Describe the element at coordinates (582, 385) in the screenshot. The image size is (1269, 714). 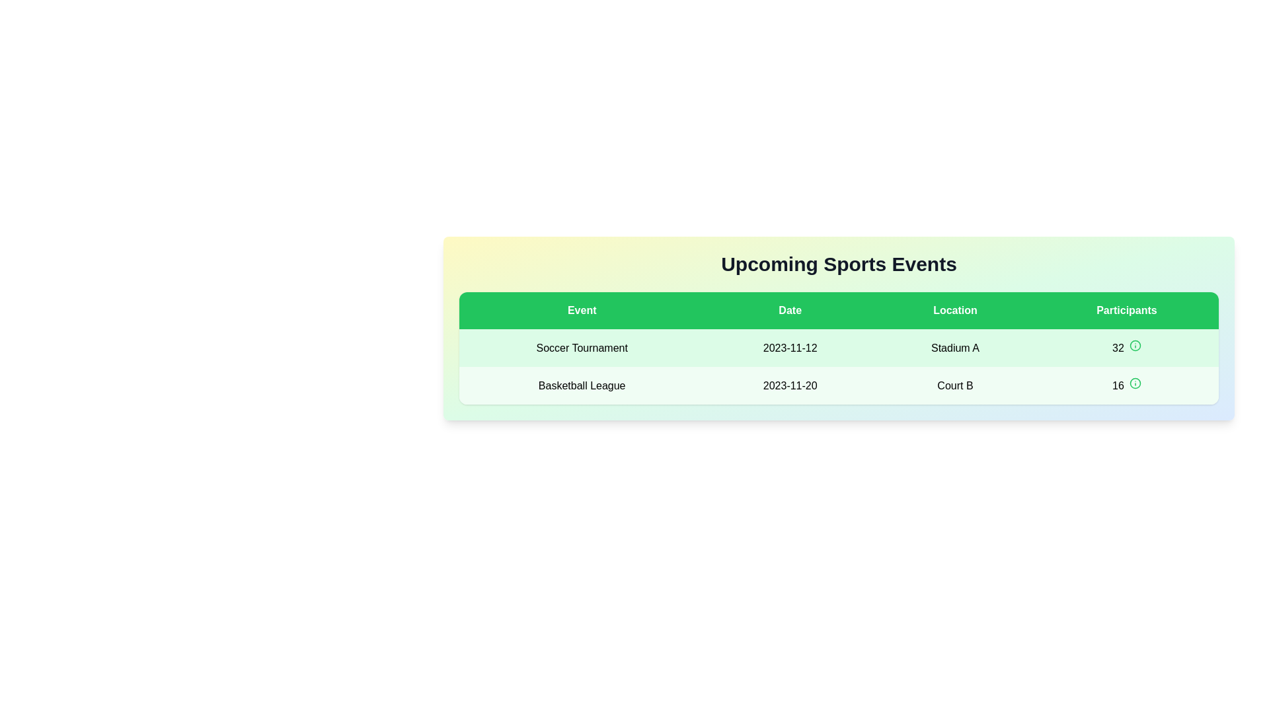
I see `the Text Label element displaying 'Basketball League', which is located in the second row and first column of a table, above '2023-11-20' and below 'Soccer Tournament'` at that location.